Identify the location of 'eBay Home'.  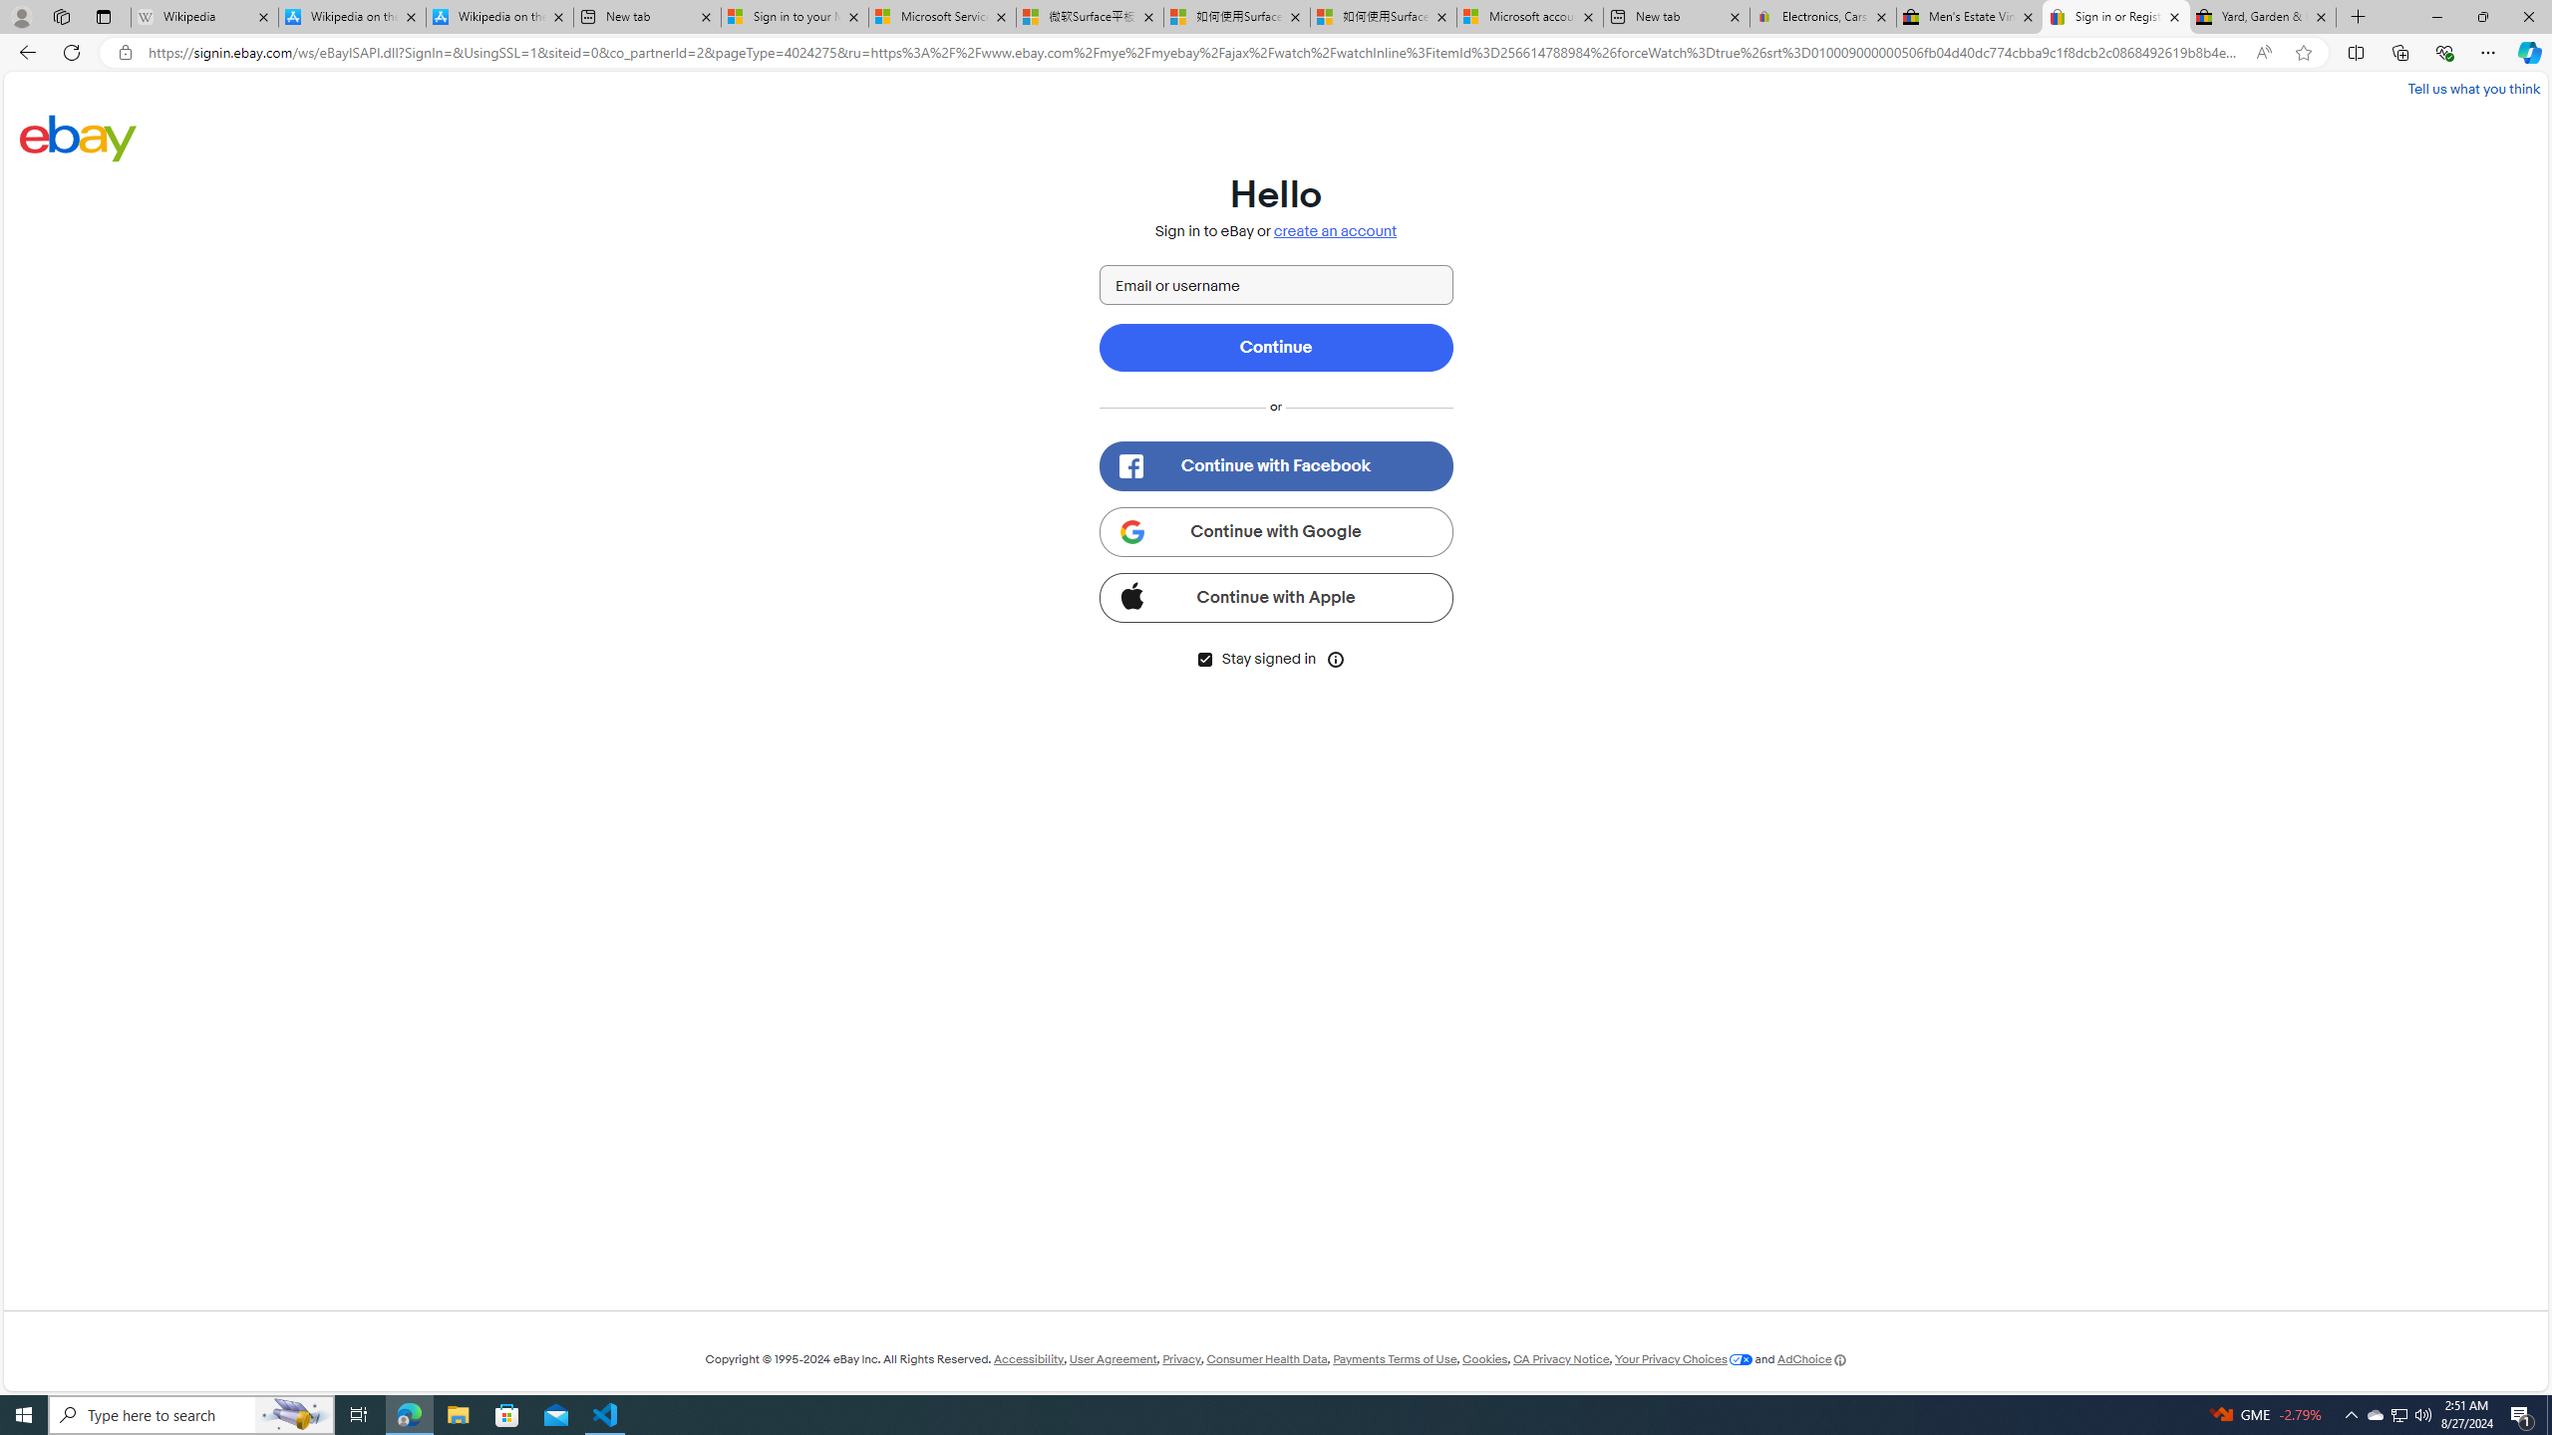
(78, 137).